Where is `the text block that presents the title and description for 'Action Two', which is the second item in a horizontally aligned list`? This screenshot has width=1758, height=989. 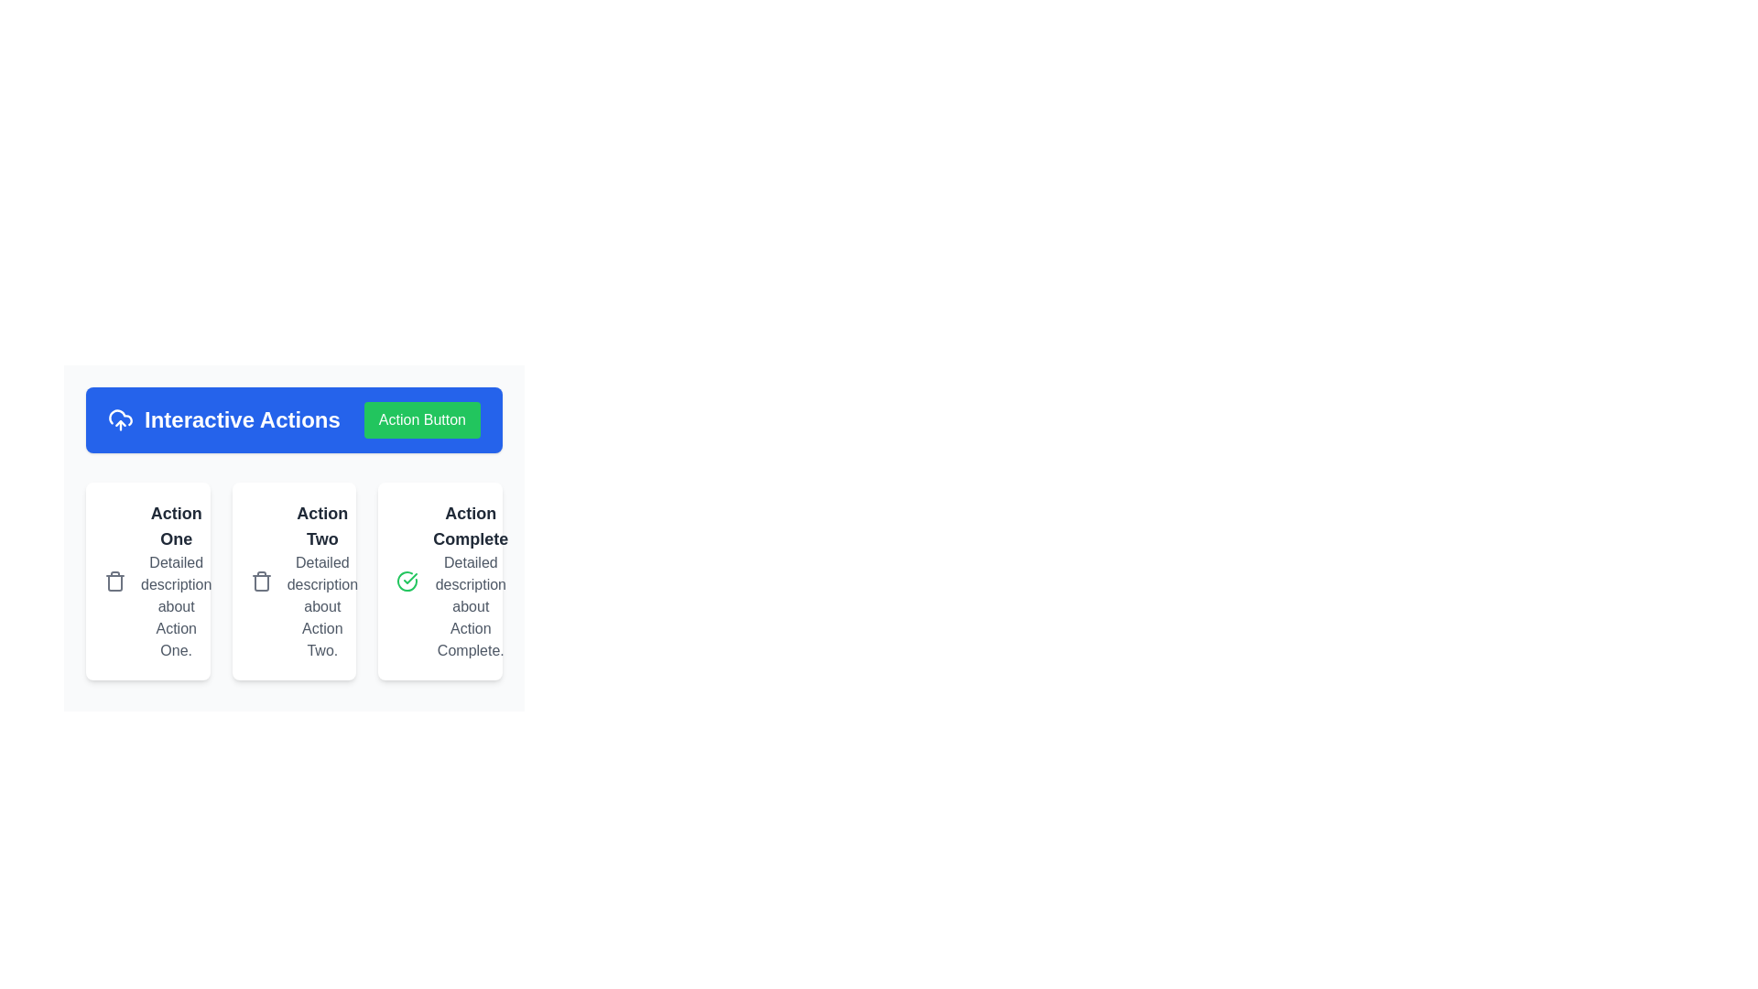
the text block that presents the title and description for 'Action Two', which is the second item in a horizontally aligned list is located at coordinates (322, 581).